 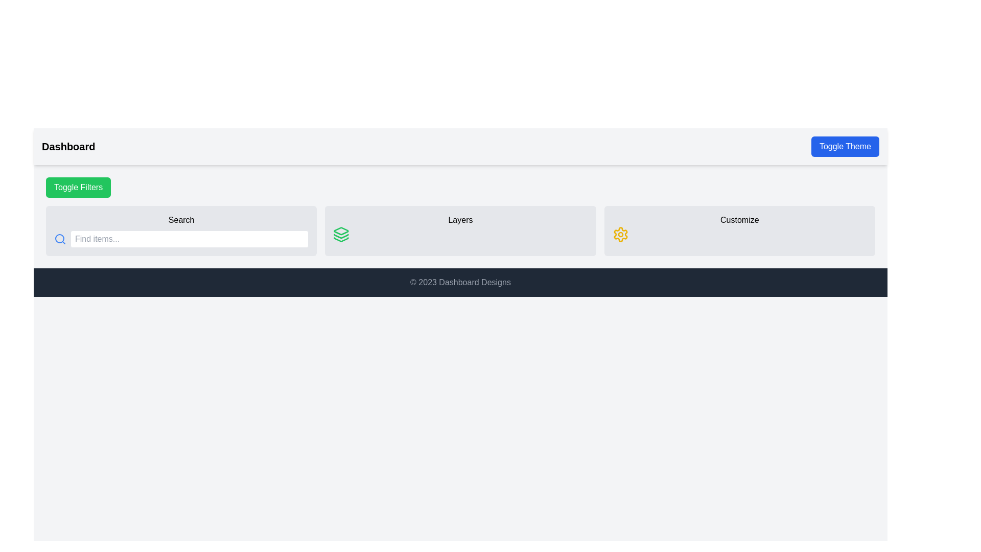 I want to click on the static representation of the topmost triangular shape with a green outline in the 'Layers' section of the interface, so click(x=341, y=231).